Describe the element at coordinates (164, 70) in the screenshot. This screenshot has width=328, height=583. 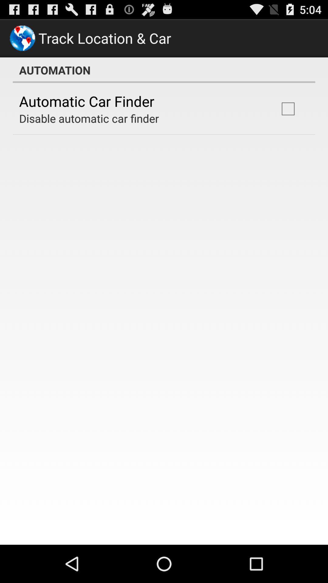
I see `the automation at the top` at that location.